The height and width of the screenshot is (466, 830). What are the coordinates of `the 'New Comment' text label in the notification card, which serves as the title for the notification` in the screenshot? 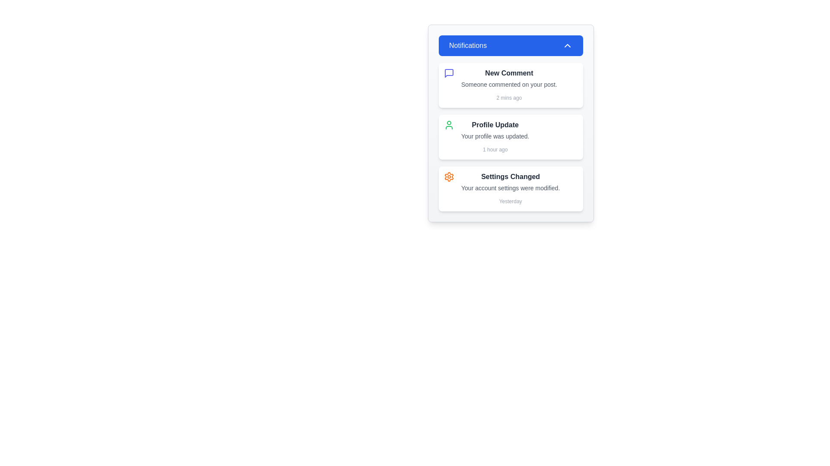 It's located at (509, 72).